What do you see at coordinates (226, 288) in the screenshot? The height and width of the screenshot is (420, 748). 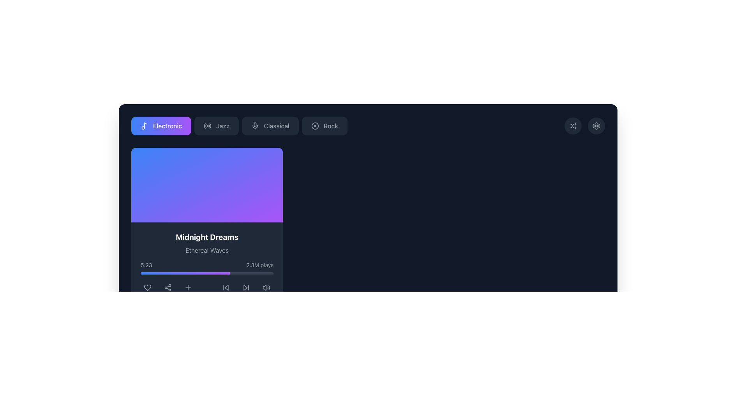 I see `the button that allows the user to skip to the previous track, located two positions to the right of the '+' button and one position to the left of the 'play' button, while playing media content` at bounding box center [226, 288].